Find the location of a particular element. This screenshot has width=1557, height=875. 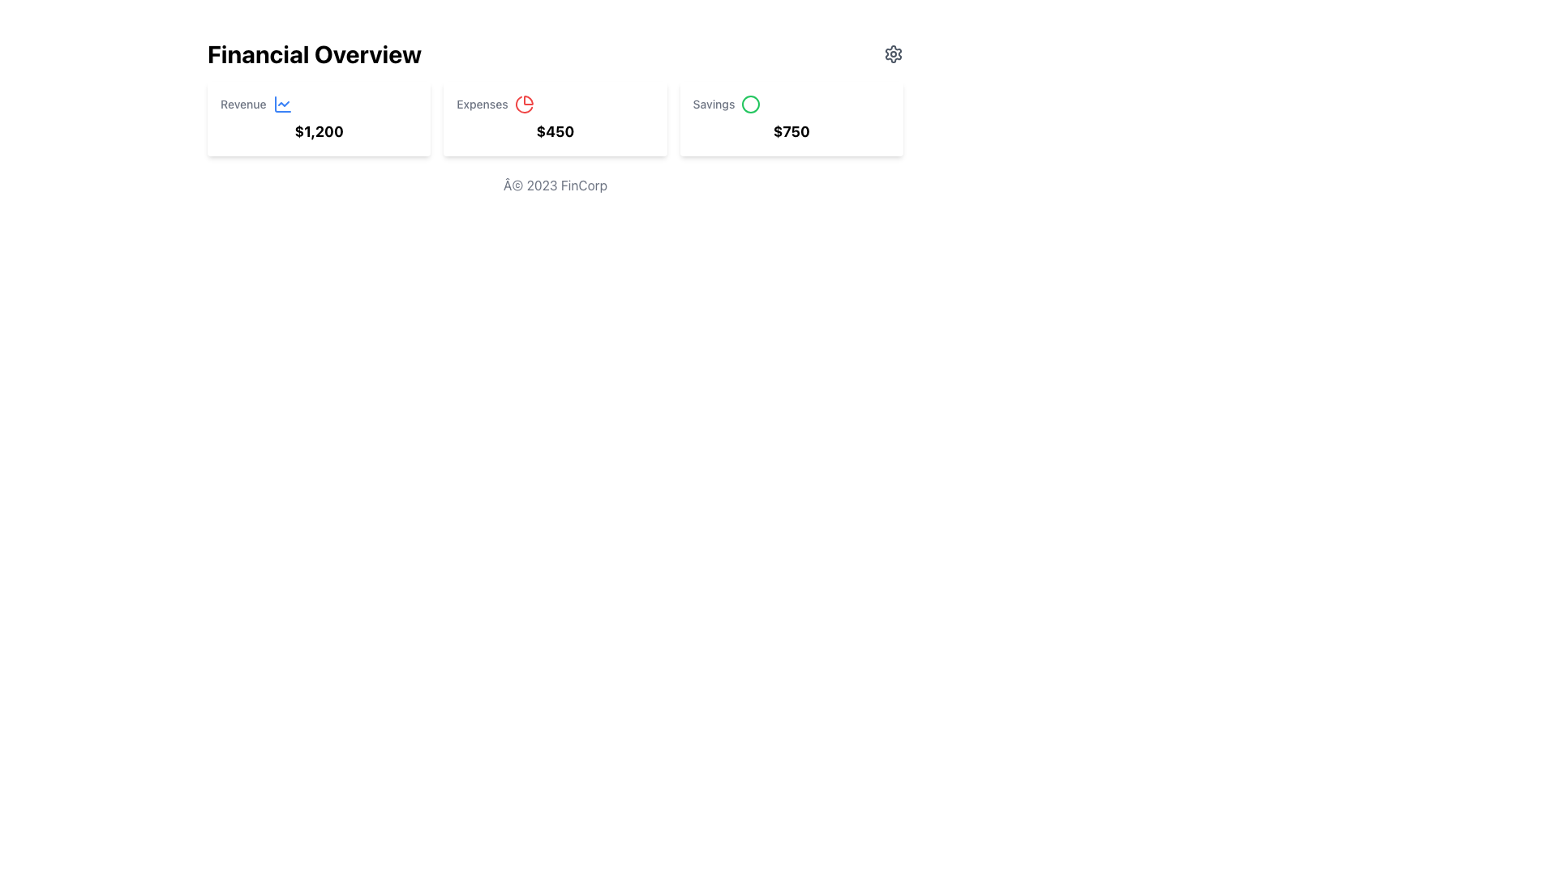

the Informational Data Card located in the second column of the financial overview grid, which displays the user's expenses is located at coordinates (555, 117).